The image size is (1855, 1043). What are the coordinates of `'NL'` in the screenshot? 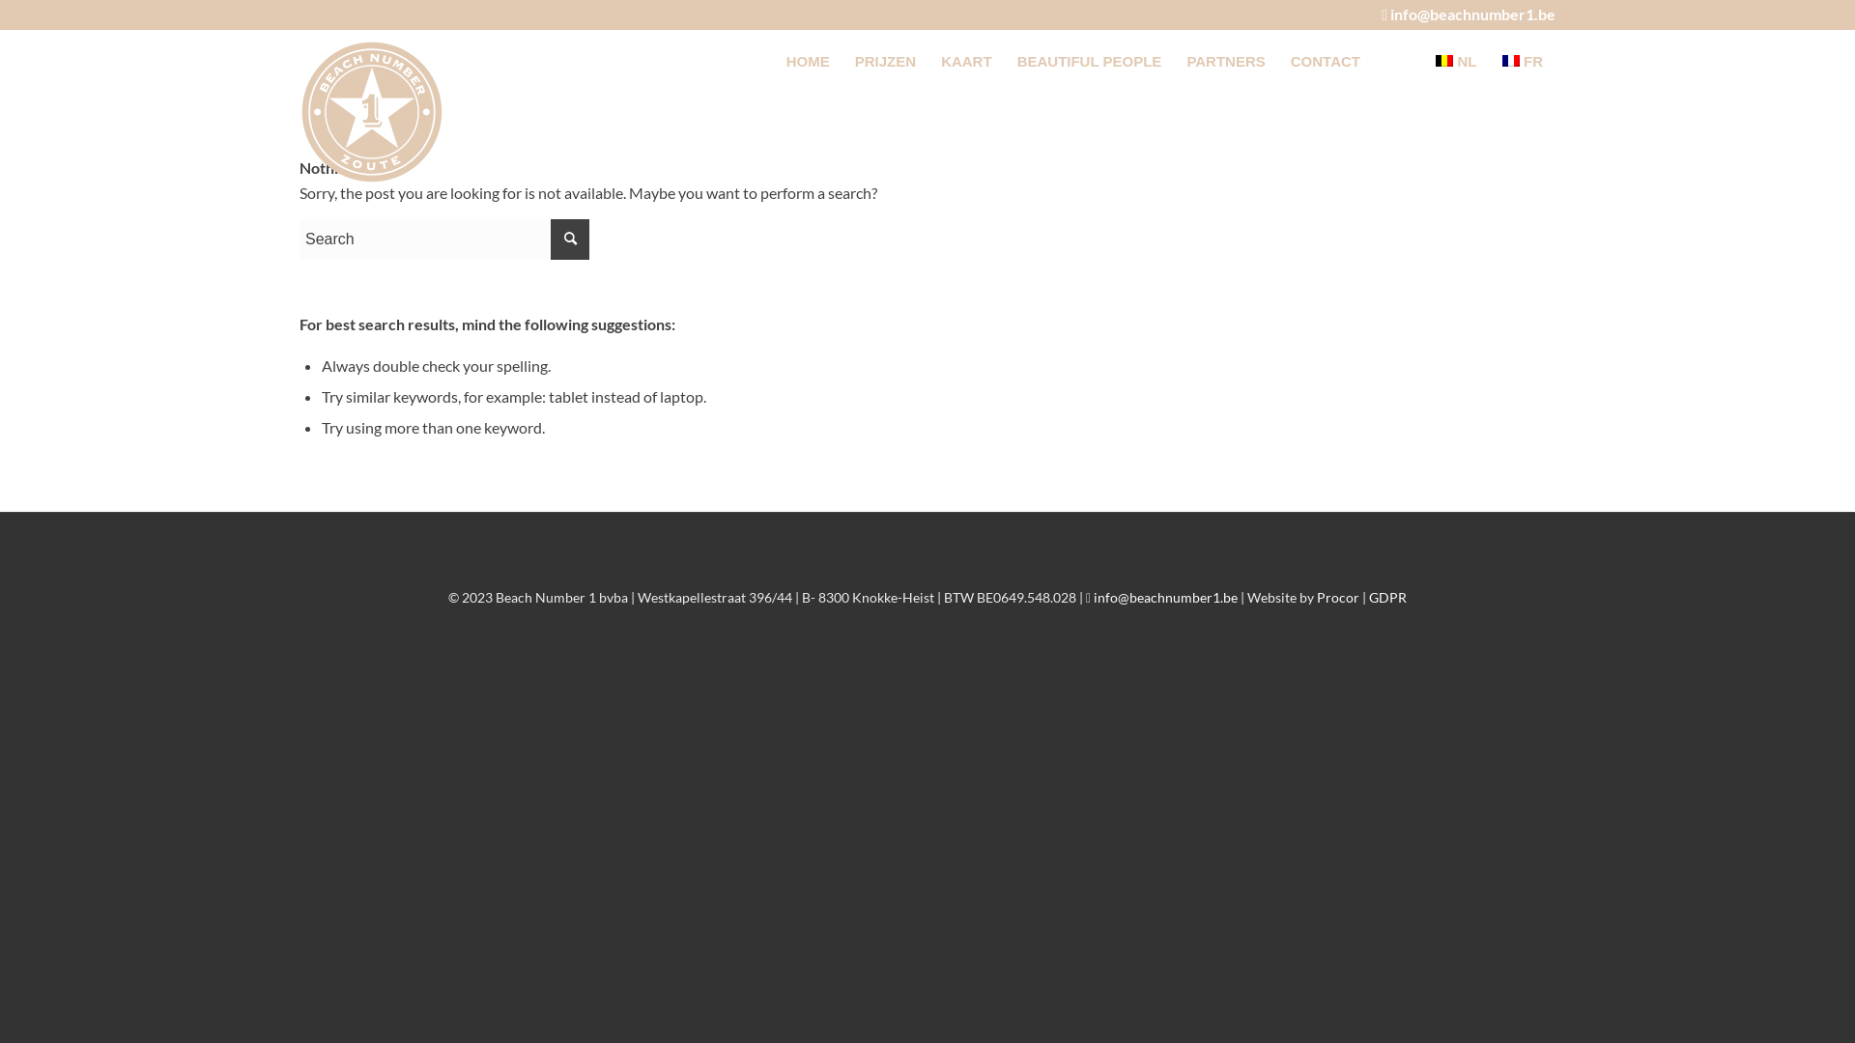 It's located at (1456, 60).